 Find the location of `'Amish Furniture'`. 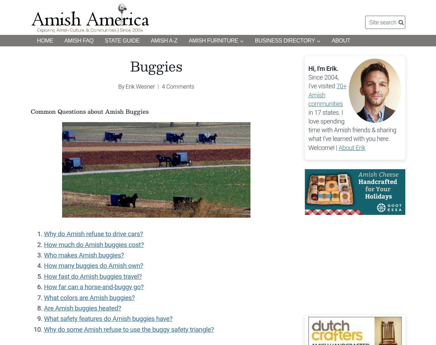

'Amish Furniture' is located at coordinates (213, 40).